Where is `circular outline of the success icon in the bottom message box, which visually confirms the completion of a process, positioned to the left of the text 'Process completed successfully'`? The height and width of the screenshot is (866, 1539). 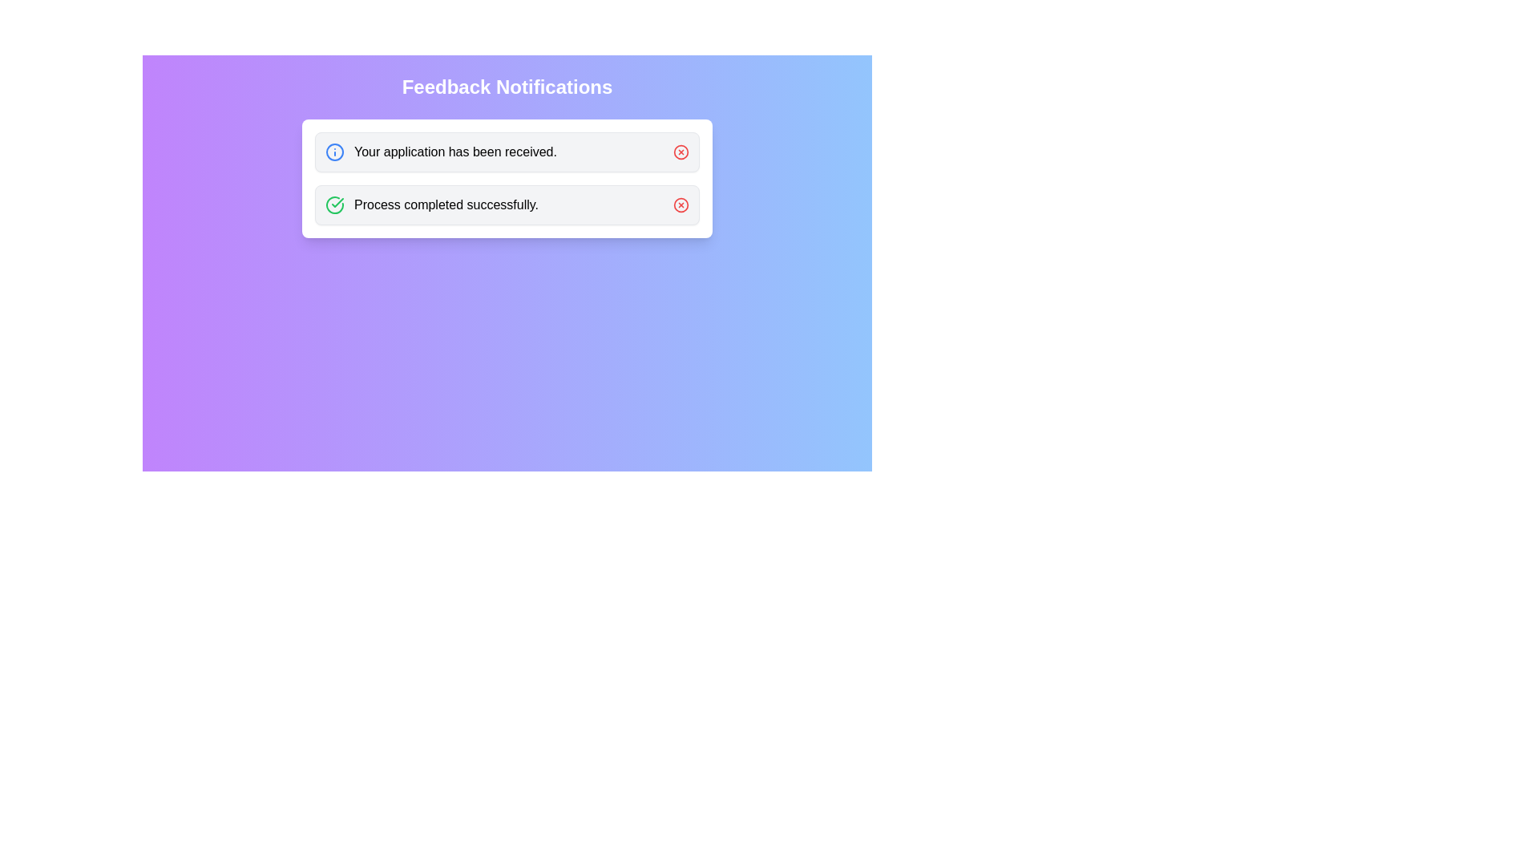 circular outline of the success icon in the bottom message box, which visually confirms the completion of a process, positioned to the left of the text 'Process completed successfully' is located at coordinates (333, 204).